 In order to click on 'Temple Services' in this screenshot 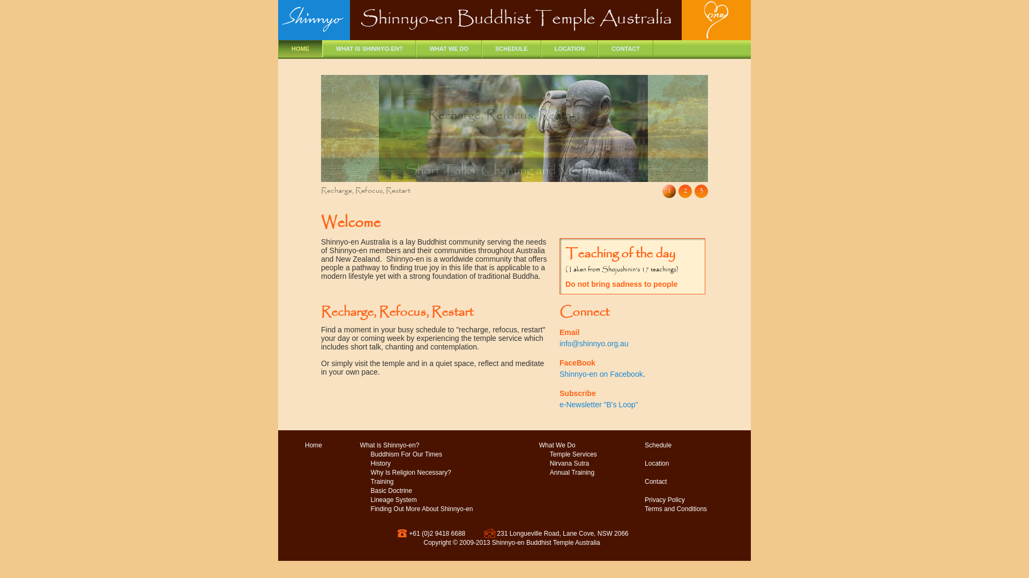, I will do `click(573, 454)`.